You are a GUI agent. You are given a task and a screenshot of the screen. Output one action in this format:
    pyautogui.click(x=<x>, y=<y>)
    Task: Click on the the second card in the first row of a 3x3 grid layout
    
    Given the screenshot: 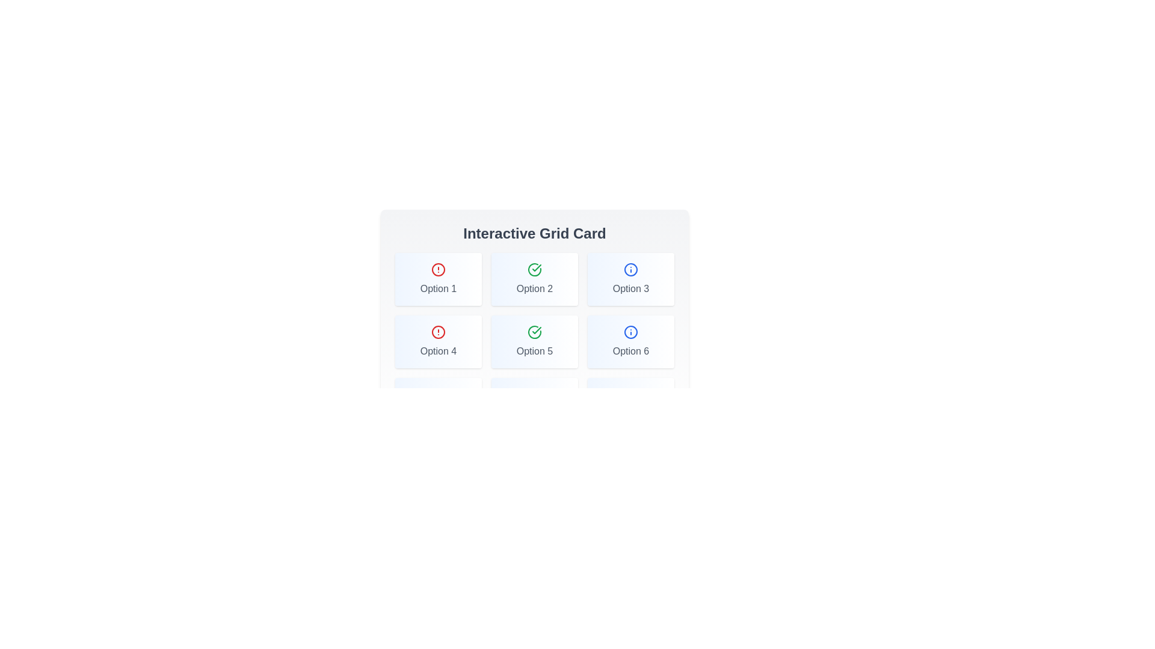 What is the action you would take?
    pyautogui.click(x=534, y=279)
    